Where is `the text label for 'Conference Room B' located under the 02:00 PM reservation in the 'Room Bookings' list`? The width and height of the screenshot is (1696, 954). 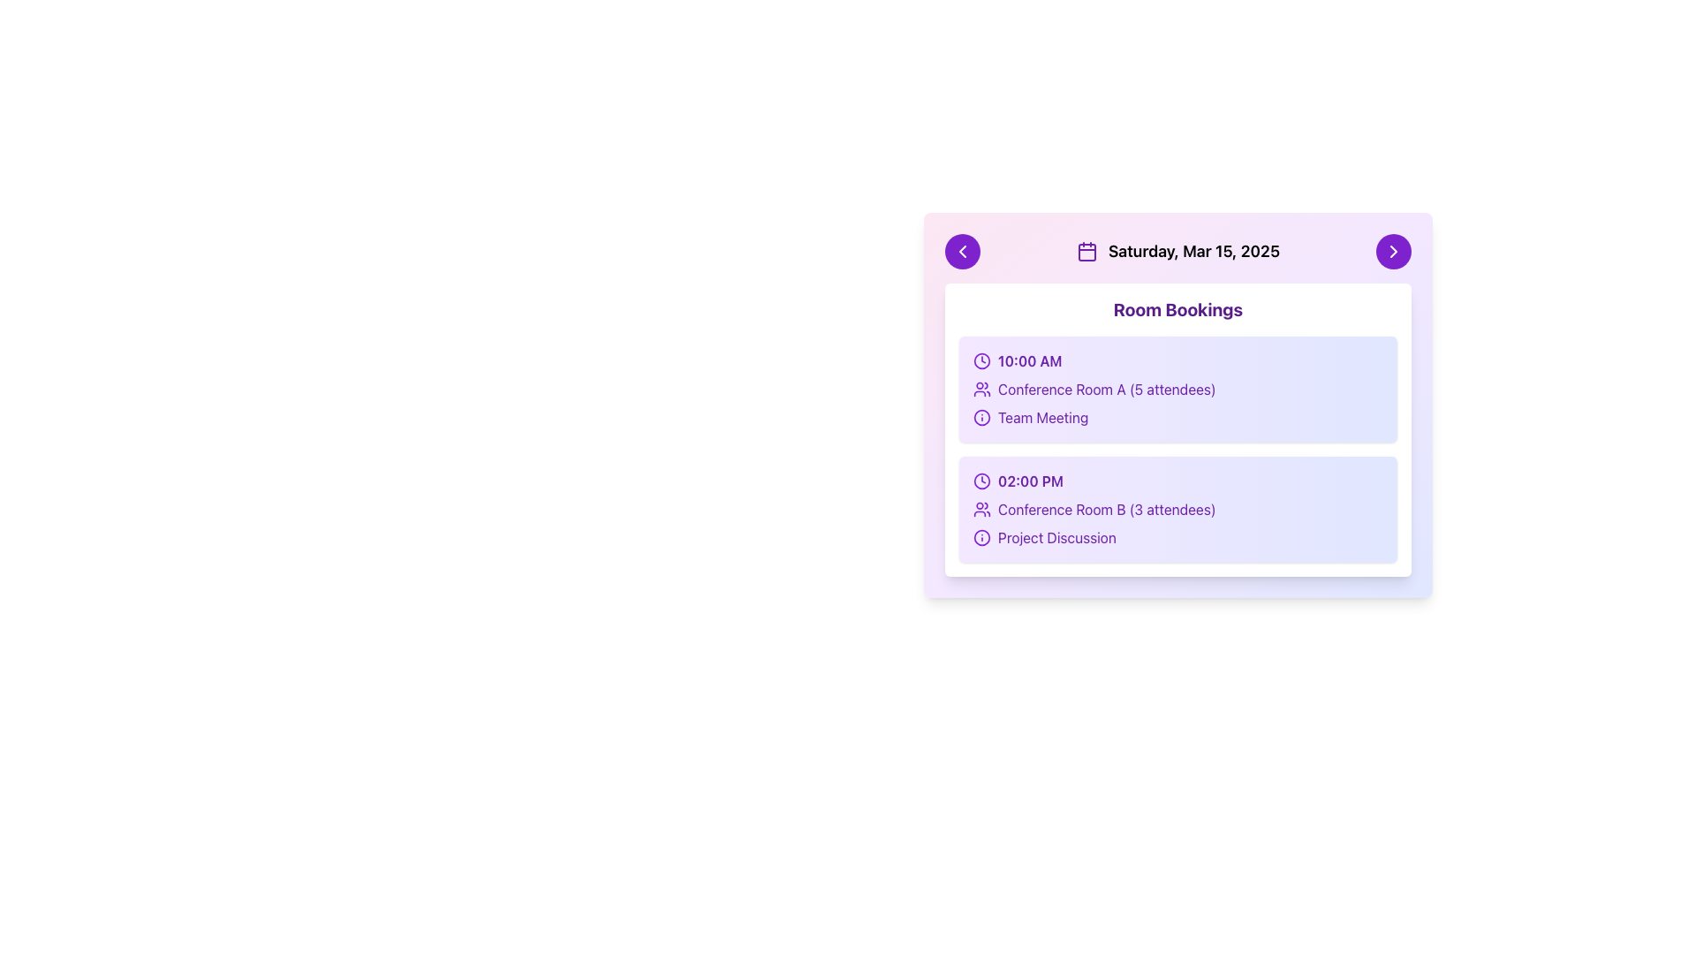
the text label for 'Conference Room B' located under the 02:00 PM reservation in the 'Room Bookings' list is located at coordinates (1056, 537).